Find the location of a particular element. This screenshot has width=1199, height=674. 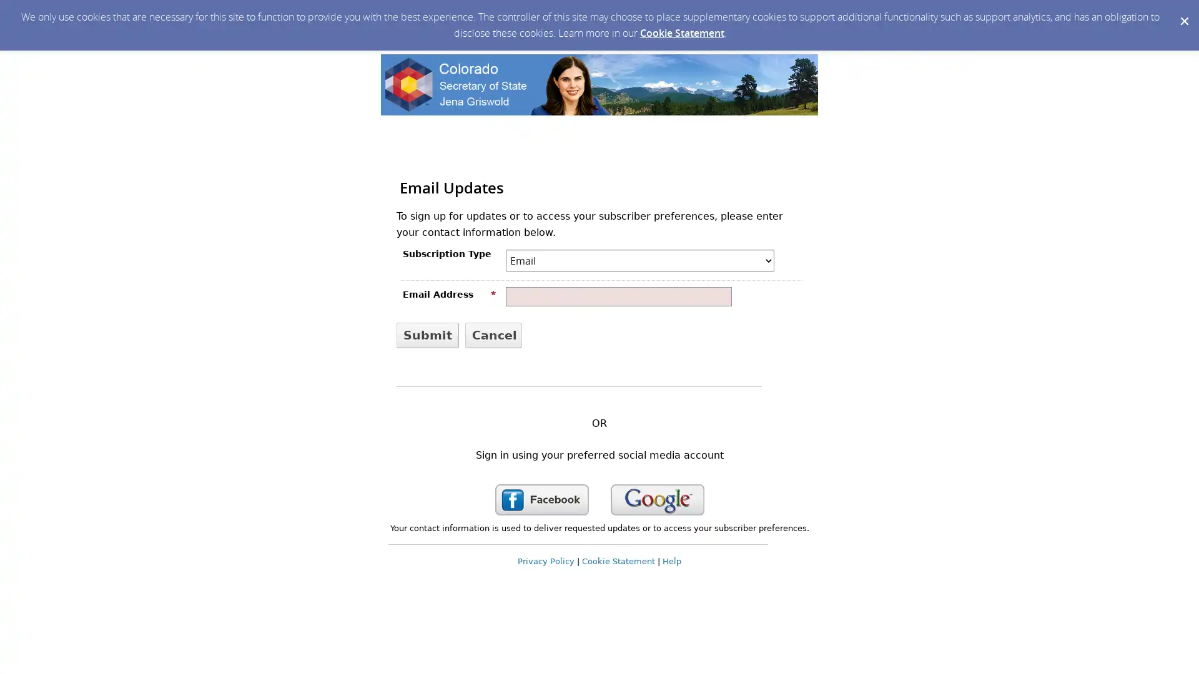

Submit is located at coordinates (428, 334).